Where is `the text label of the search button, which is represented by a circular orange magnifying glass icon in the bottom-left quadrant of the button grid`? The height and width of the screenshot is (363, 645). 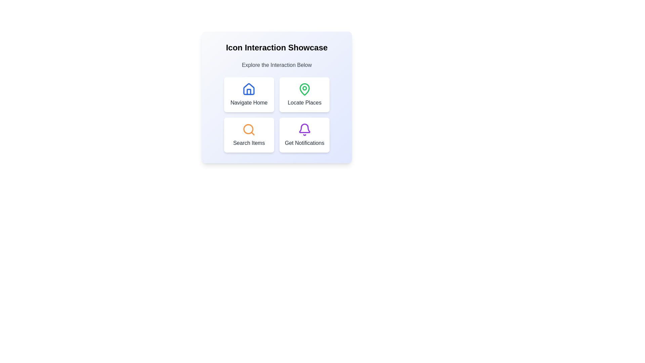 the text label of the search button, which is represented by a circular orange magnifying glass icon in the bottom-left quadrant of the button grid is located at coordinates (248, 129).